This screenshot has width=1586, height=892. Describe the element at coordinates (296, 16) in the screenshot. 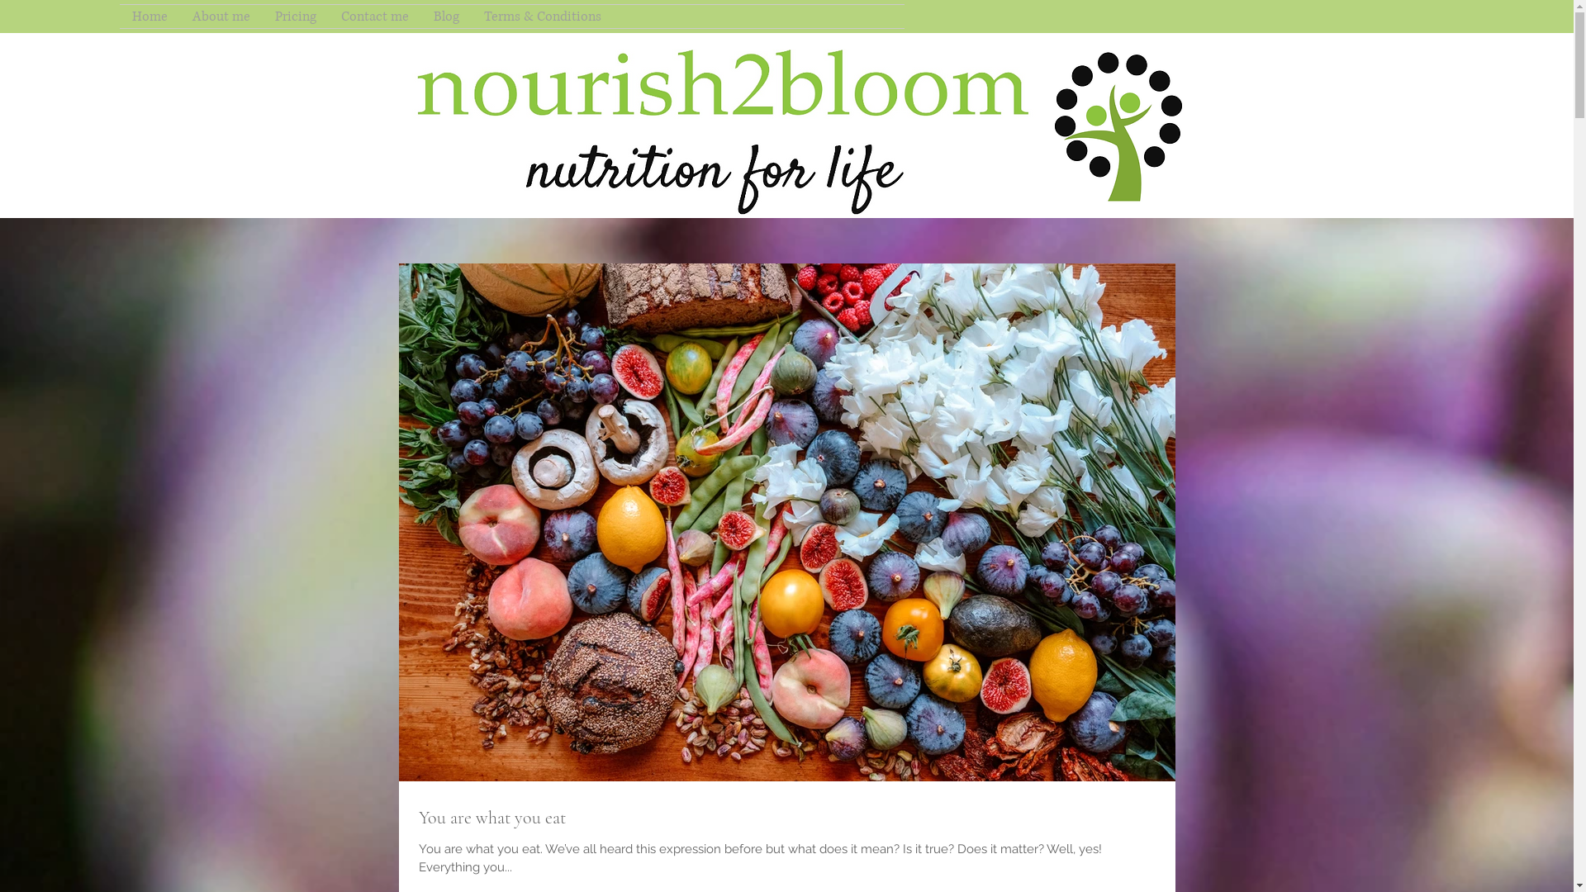

I see `'Pricing'` at that location.